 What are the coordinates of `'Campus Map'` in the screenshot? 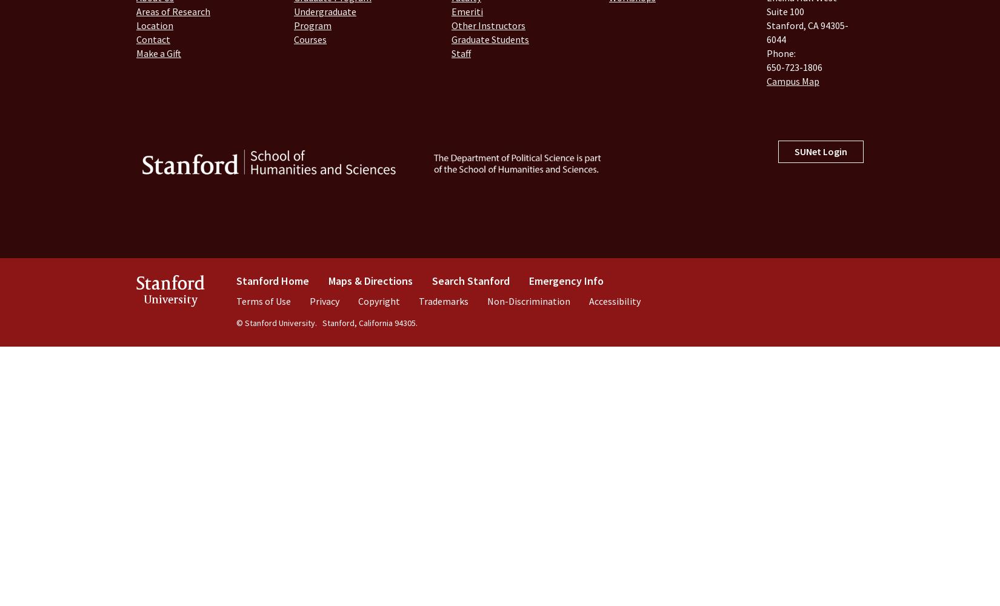 It's located at (792, 81).